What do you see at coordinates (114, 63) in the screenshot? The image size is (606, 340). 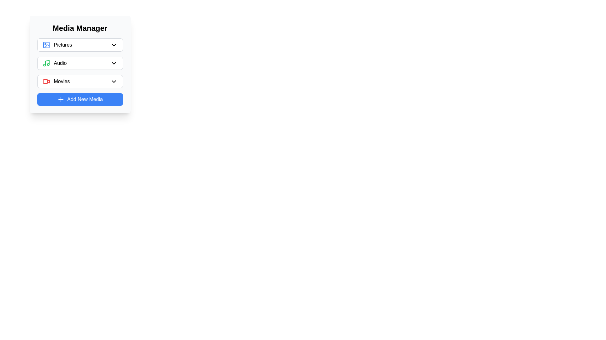 I see `the rightmost icon within the 'Audio' dropdown button area` at bounding box center [114, 63].